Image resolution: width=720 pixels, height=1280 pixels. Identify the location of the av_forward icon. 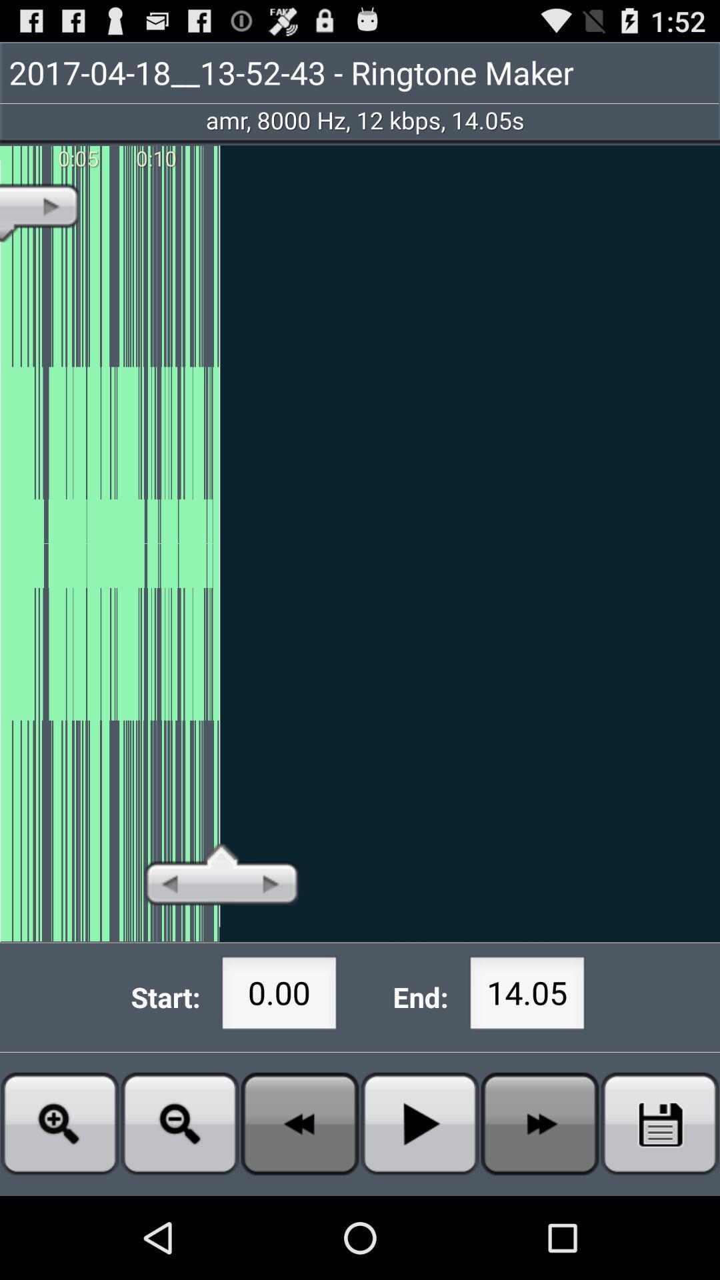
(540, 1203).